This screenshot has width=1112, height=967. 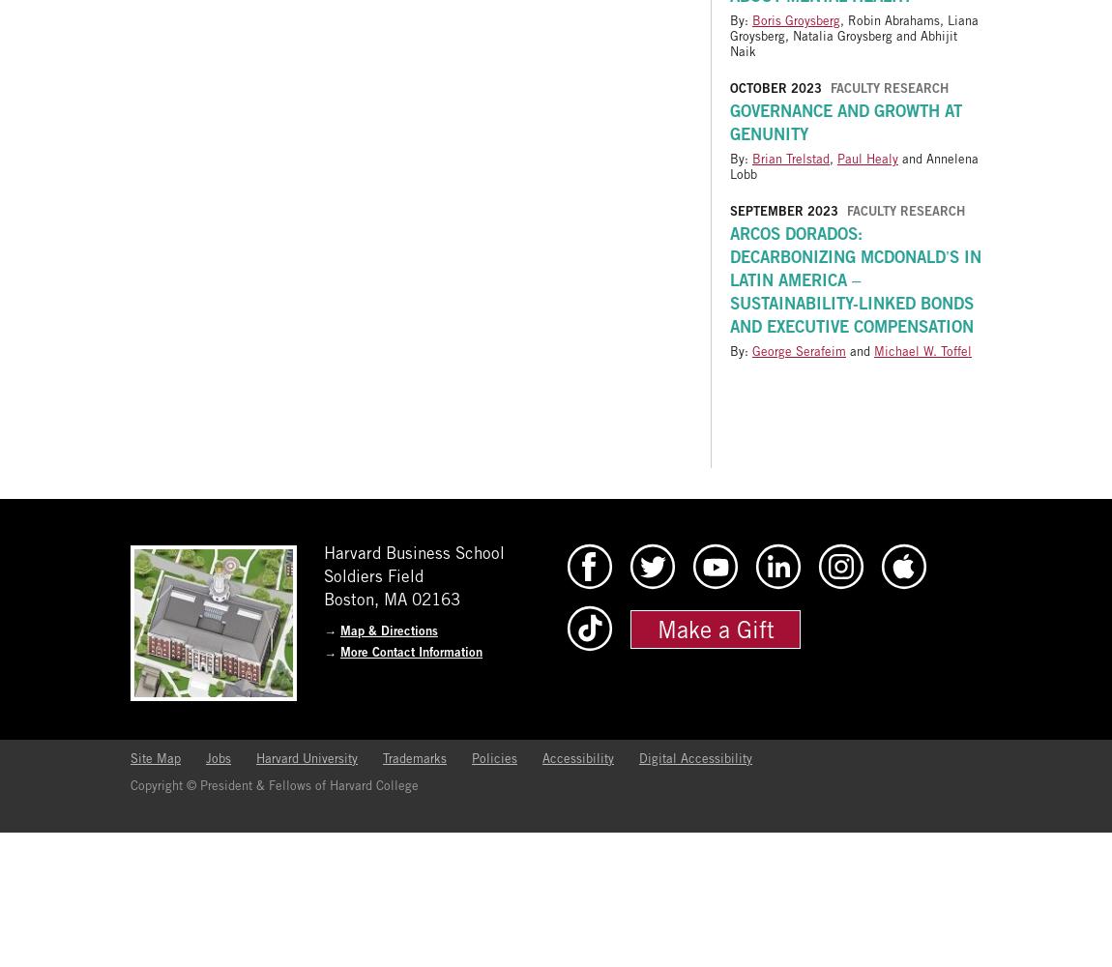 What do you see at coordinates (694, 757) in the screenshot?
I see `'Digital Accessibility'` at bounding box center [694, 757].